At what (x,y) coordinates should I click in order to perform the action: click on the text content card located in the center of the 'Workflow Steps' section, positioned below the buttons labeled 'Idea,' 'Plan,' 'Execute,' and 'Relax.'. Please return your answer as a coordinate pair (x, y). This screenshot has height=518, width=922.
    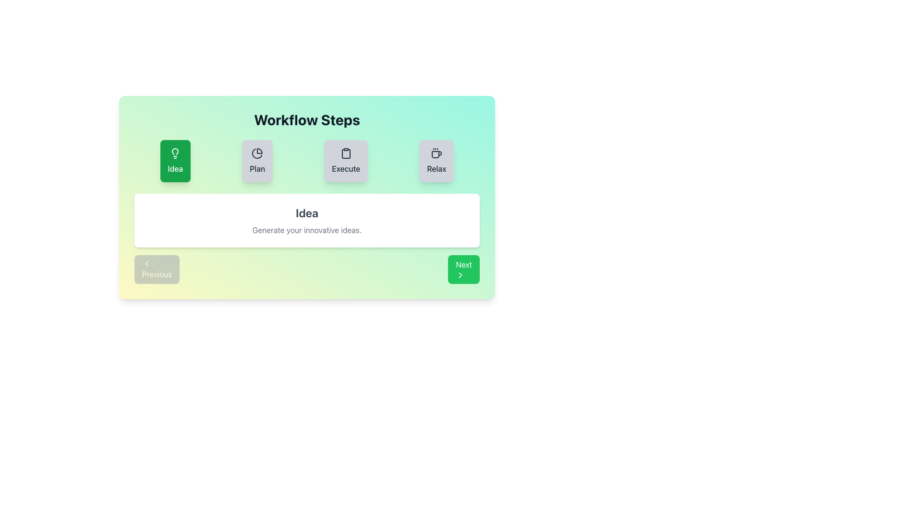
    Looking at the image, I should click on (306, 220).